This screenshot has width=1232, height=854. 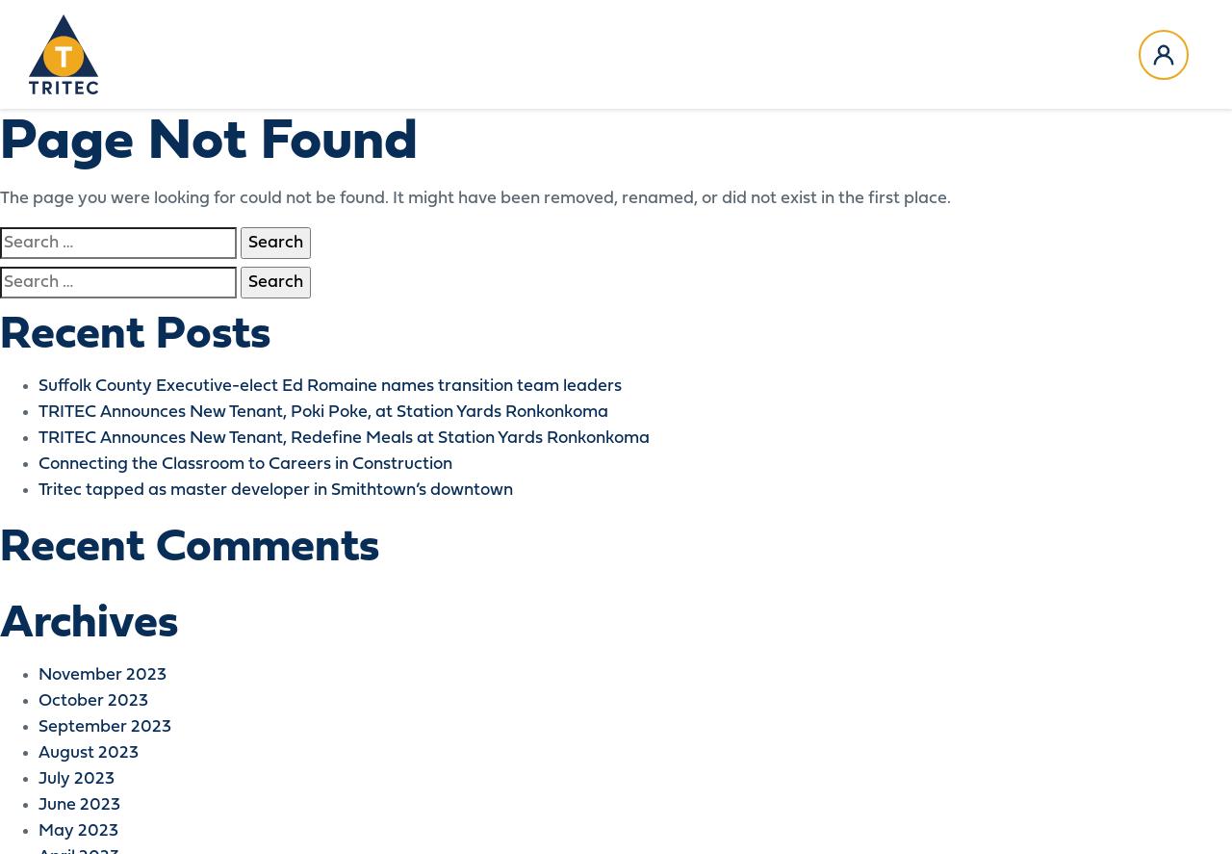 I want to click on 'The page you were looking for could not be found. It might have been removed, renamed, or did not exist in the first place.', so click(x=475, y=198).